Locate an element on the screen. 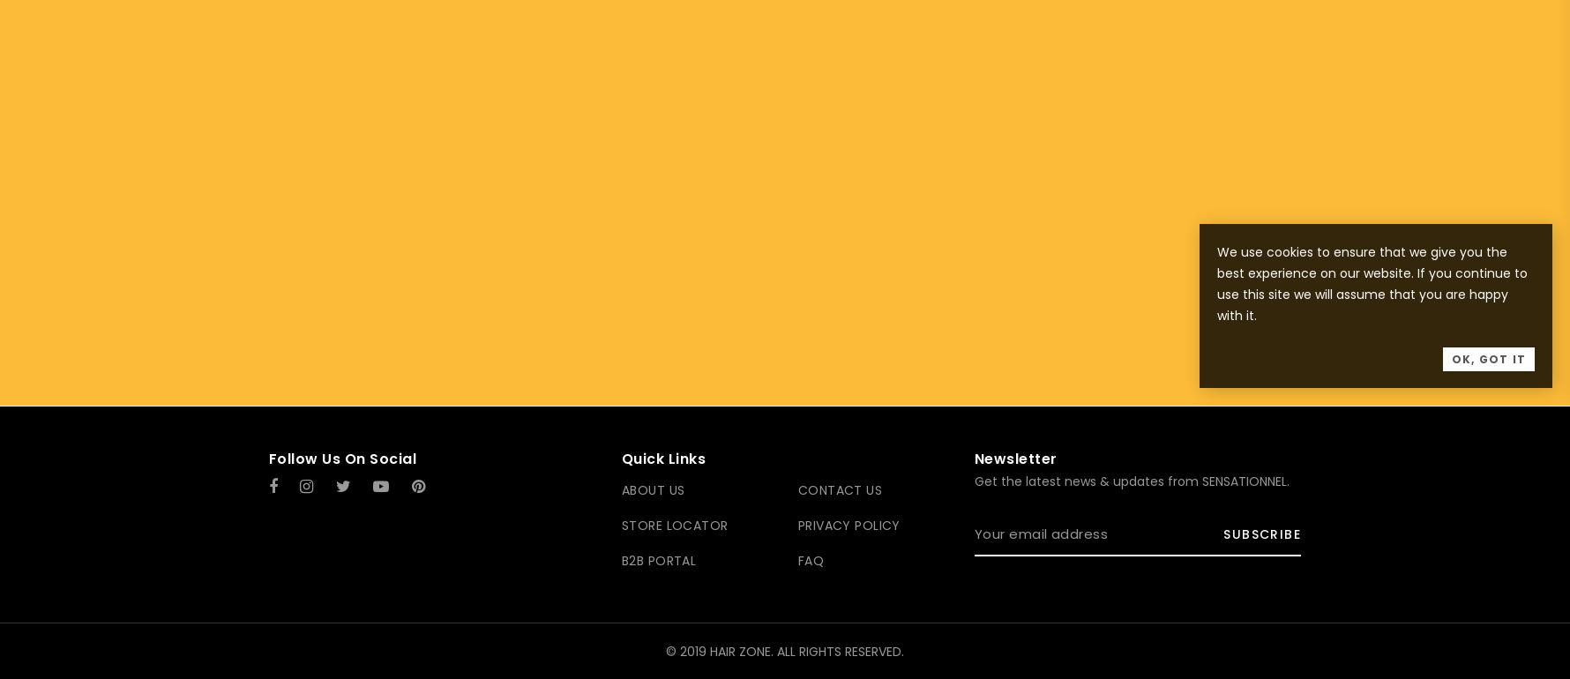  'ABOUT US' is located at coordinates (651, 490).